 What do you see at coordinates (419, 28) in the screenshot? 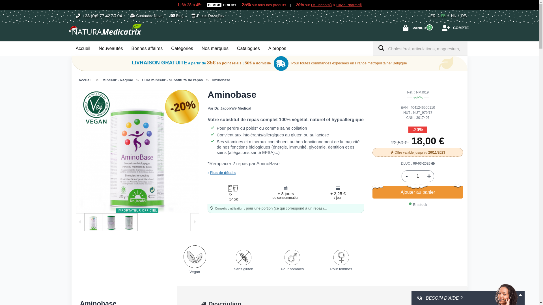
I see `'PANIER` at bounding box center [419, 28].